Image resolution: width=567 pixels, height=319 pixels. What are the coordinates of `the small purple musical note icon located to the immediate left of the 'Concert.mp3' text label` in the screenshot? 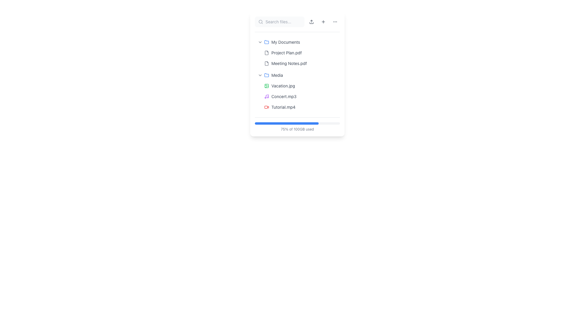 It's located at (266, 96).